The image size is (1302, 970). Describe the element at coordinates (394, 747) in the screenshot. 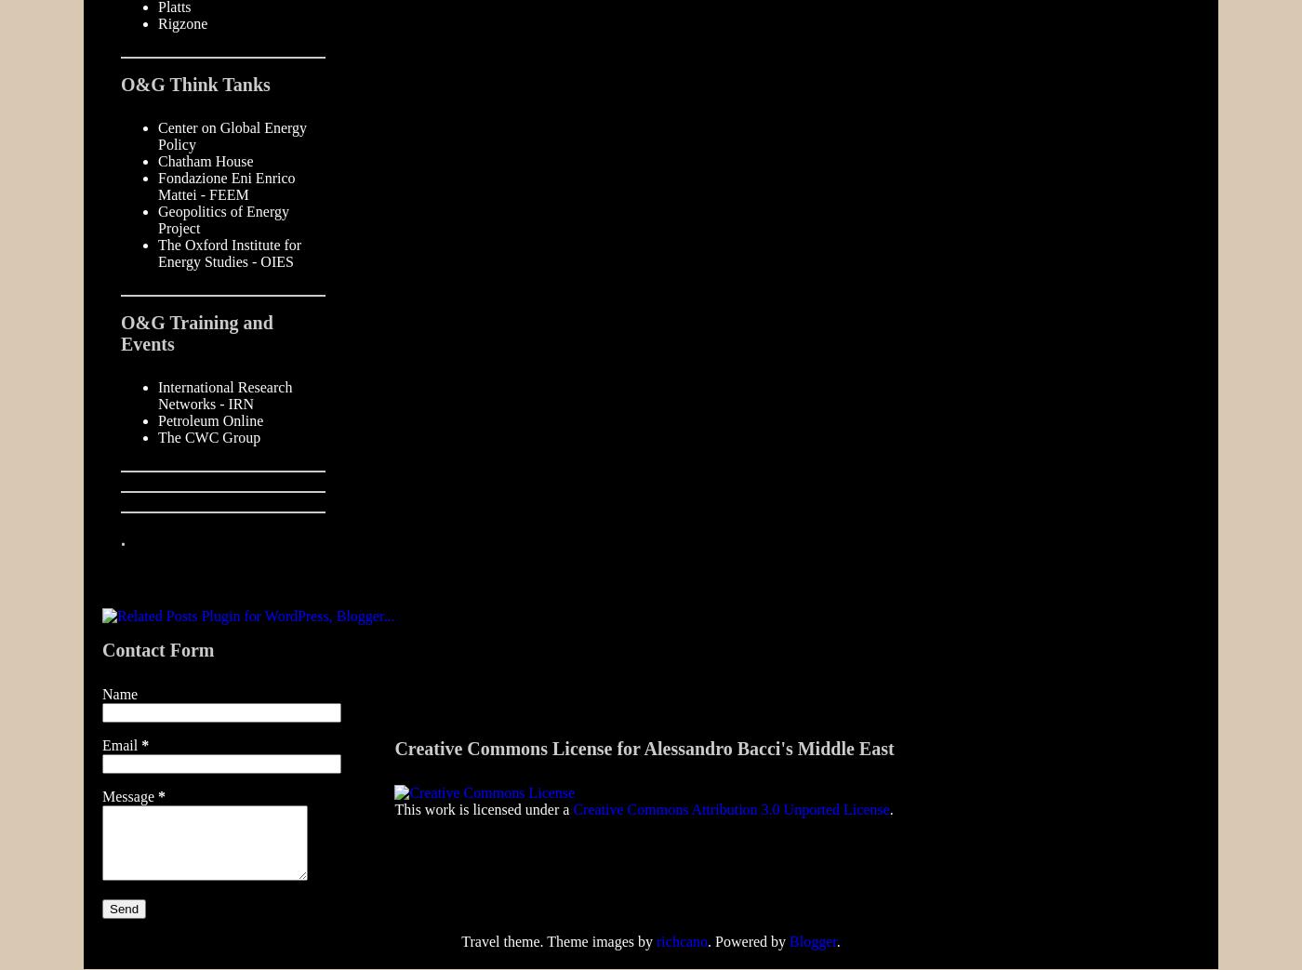

I see `'Creative Commons License for Alessandro Bacci's Middle East'` at that location.